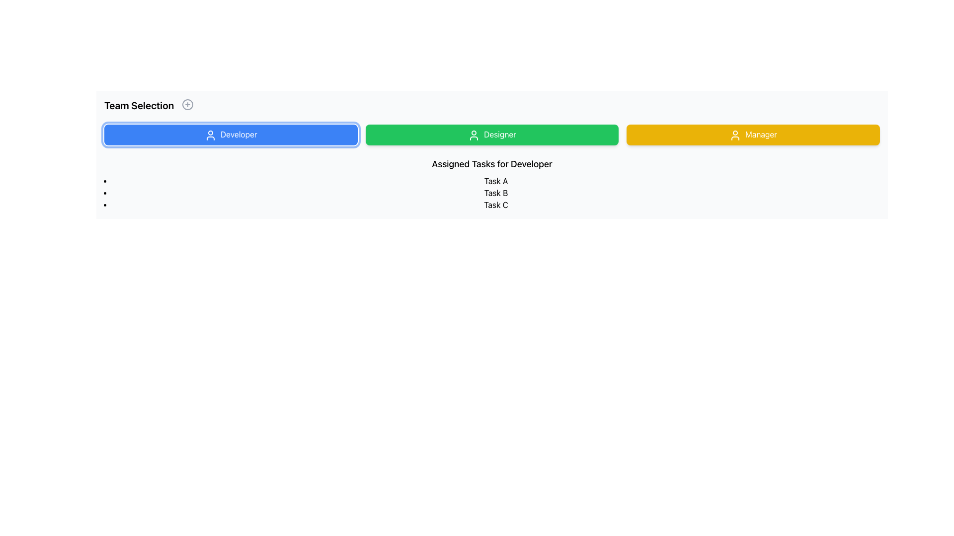 This screenshot has height=536, width=954. Describe the element at coordinates (188, 105) in the screenshot. I see `the circle graphical element within the SVG icon located to the right of the text 'Team Selection'` at that location.